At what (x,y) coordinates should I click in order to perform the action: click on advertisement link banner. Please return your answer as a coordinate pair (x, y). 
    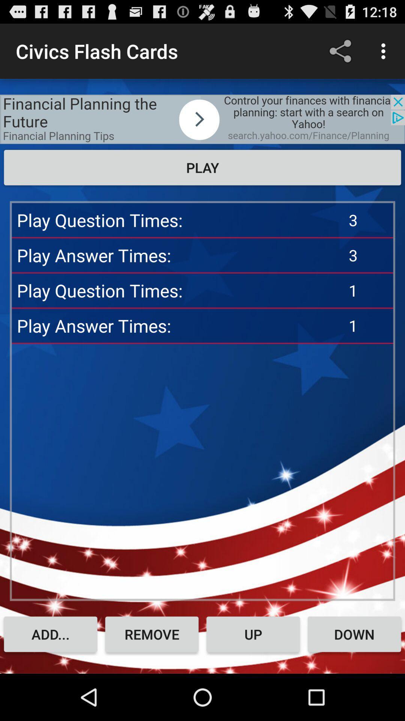
    Looking at the image, I should click on (202, 119).